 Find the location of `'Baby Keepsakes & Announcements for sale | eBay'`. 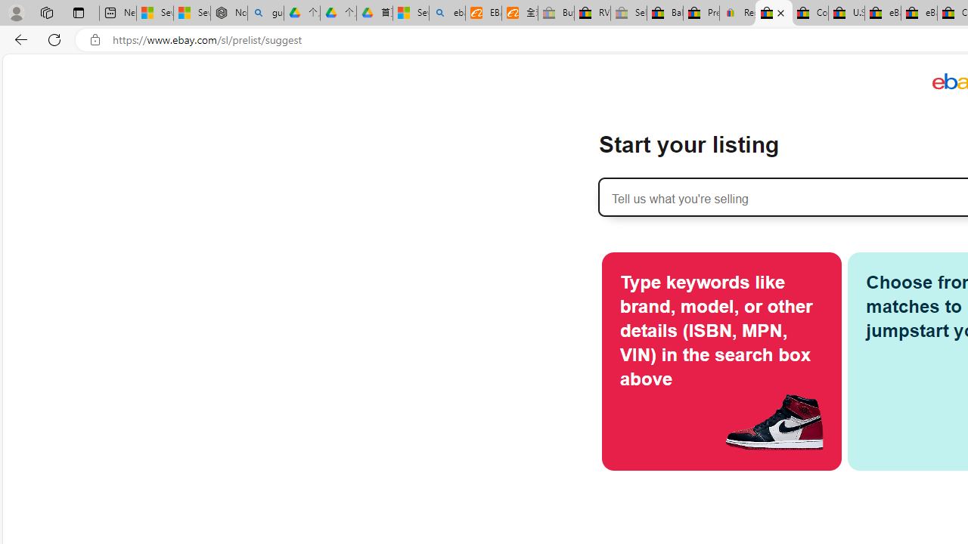

'Baby Keepsakes & Announcements for sale | eBay' is located at coordinates (665, 13).